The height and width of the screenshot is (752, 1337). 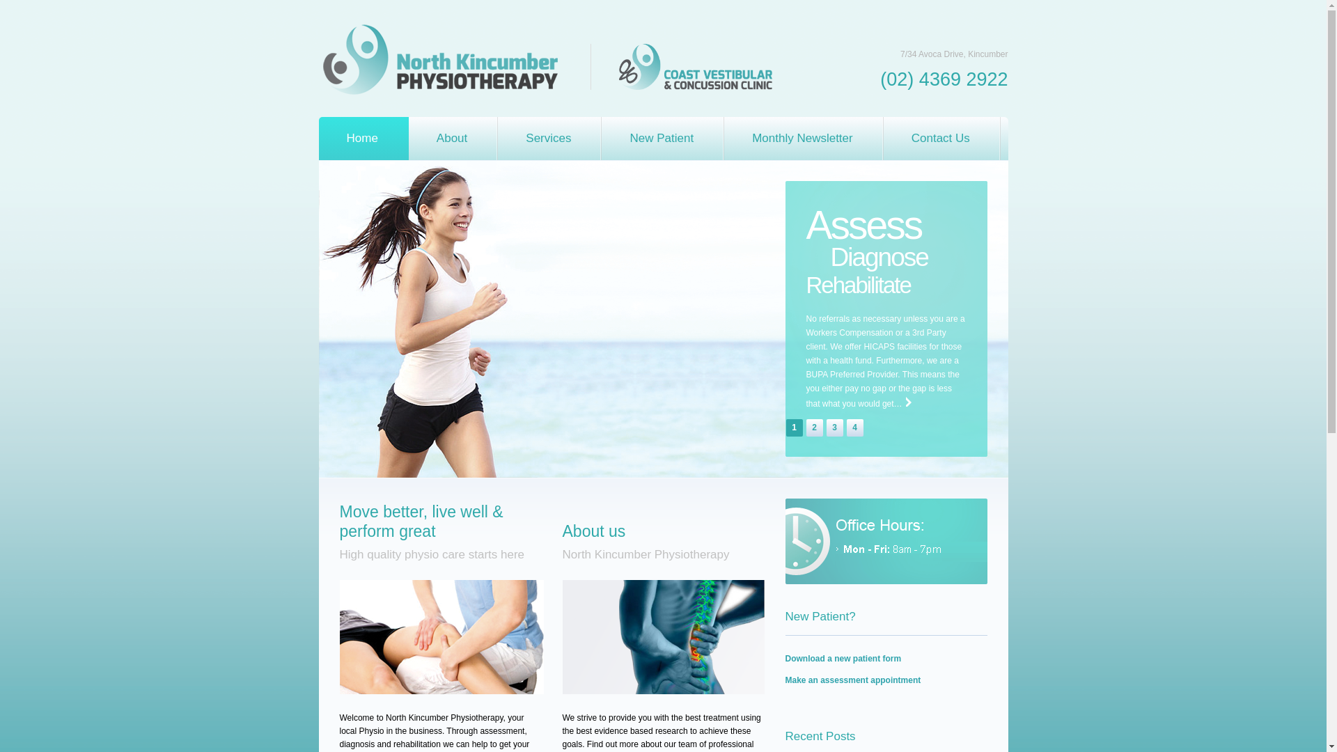 I want to click on '3', so click(x=825, y=427).